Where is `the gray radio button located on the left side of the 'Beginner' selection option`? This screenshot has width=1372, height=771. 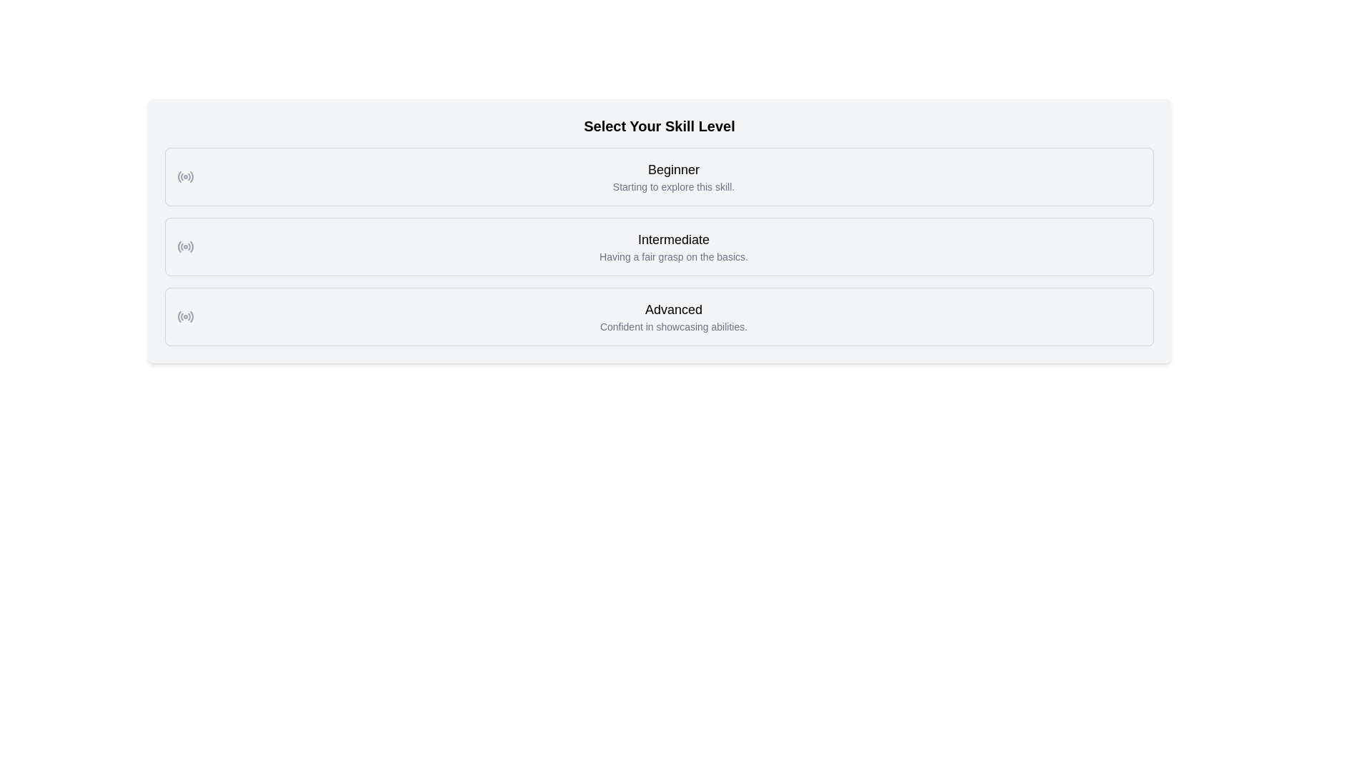 the gray radio button located on the left side of the 'Beginner' selection option is located at coordinates (184, 176).